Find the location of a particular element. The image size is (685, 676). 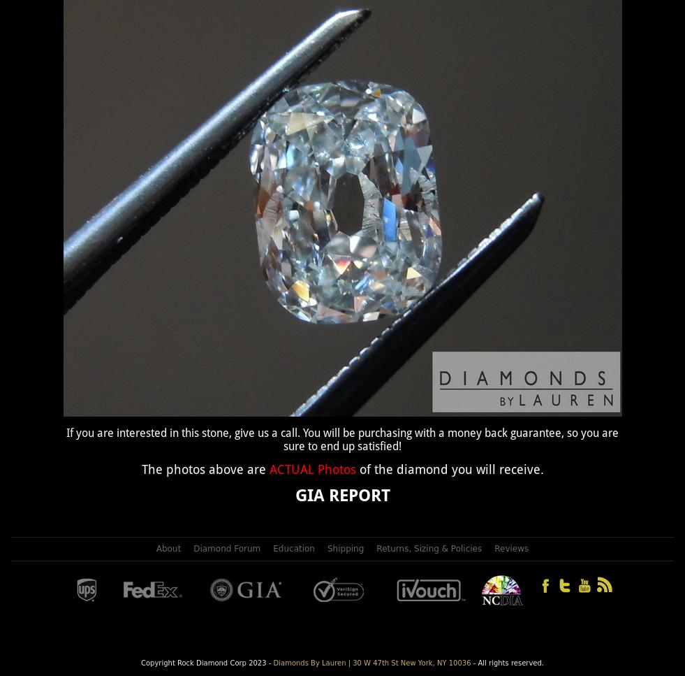

'Reviews' is located at coordinates (511, 547).